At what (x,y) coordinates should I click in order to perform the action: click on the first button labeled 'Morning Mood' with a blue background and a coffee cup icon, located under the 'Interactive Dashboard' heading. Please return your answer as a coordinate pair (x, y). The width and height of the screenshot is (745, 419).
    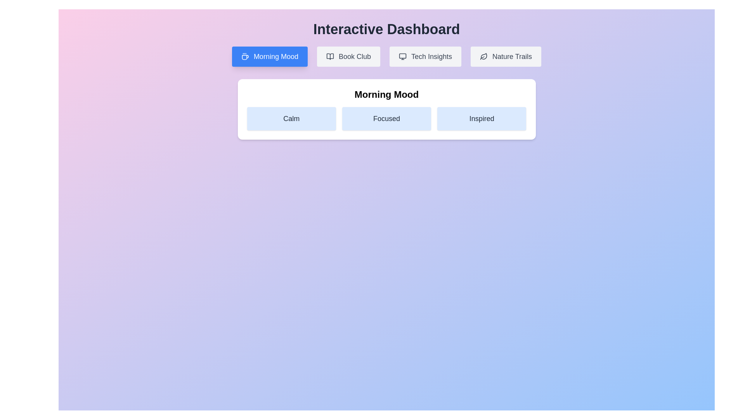
    Looking at the image, I should click on (270, 56).